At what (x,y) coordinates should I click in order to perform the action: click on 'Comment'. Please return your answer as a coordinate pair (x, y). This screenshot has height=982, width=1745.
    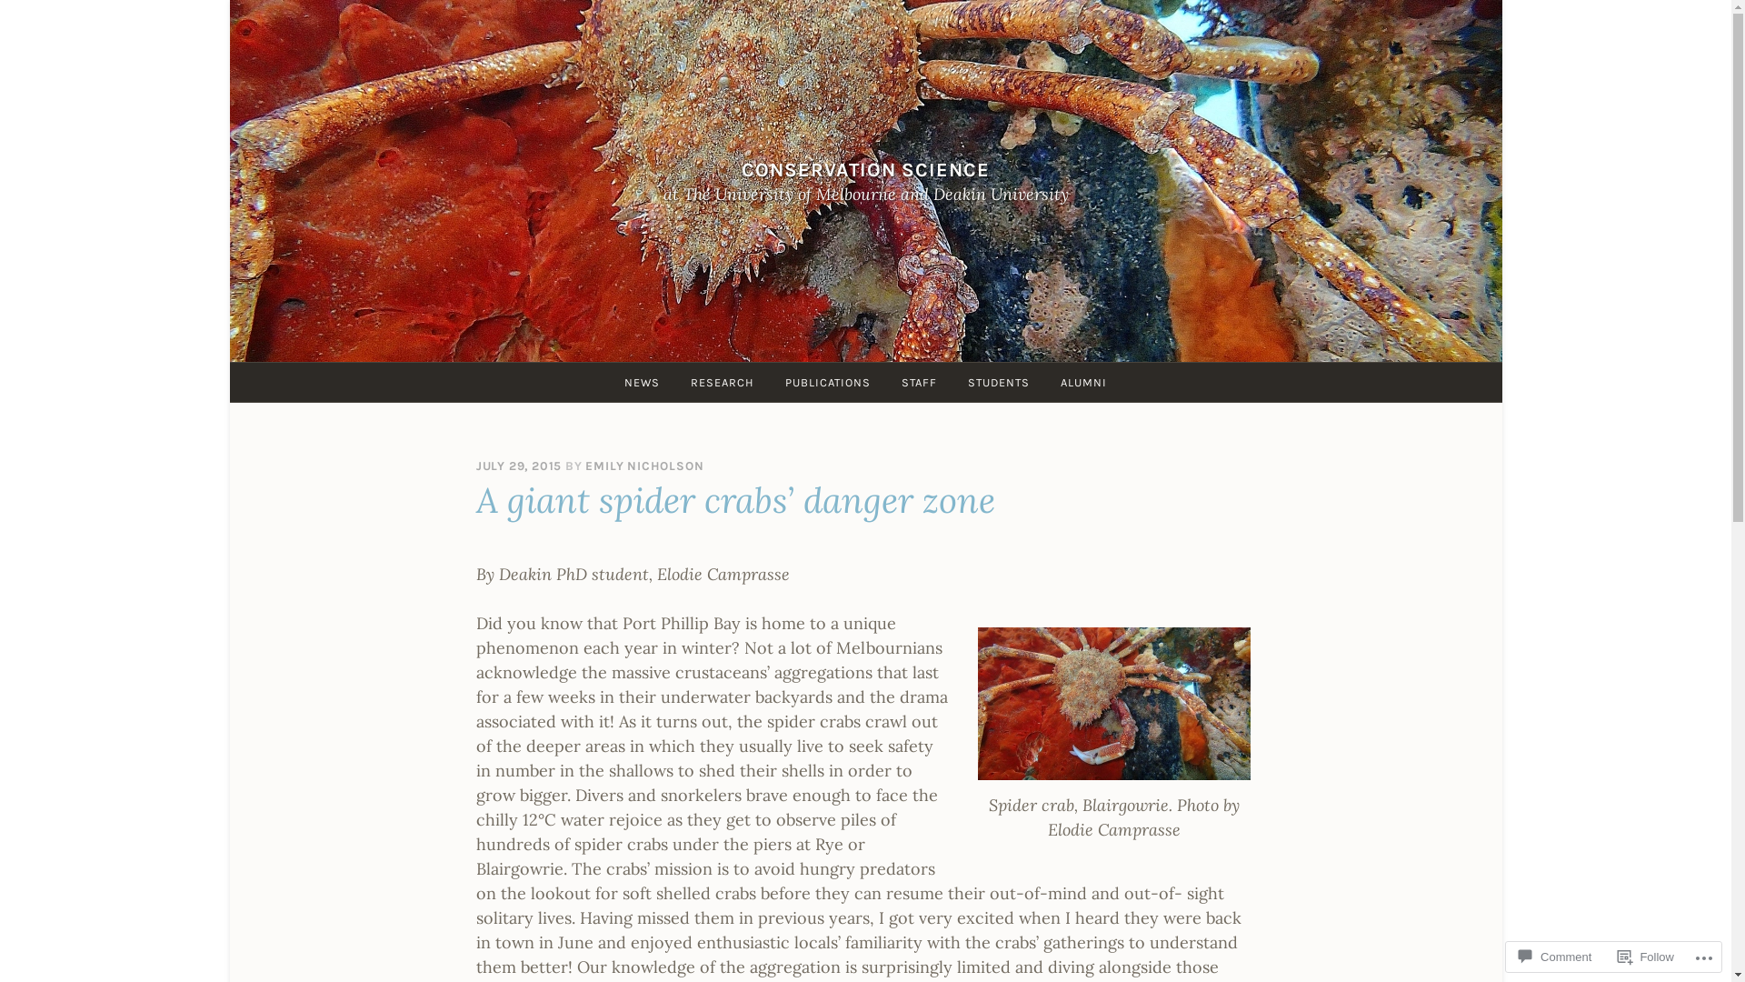
    Looking at the image, I should click on (1553, 956).